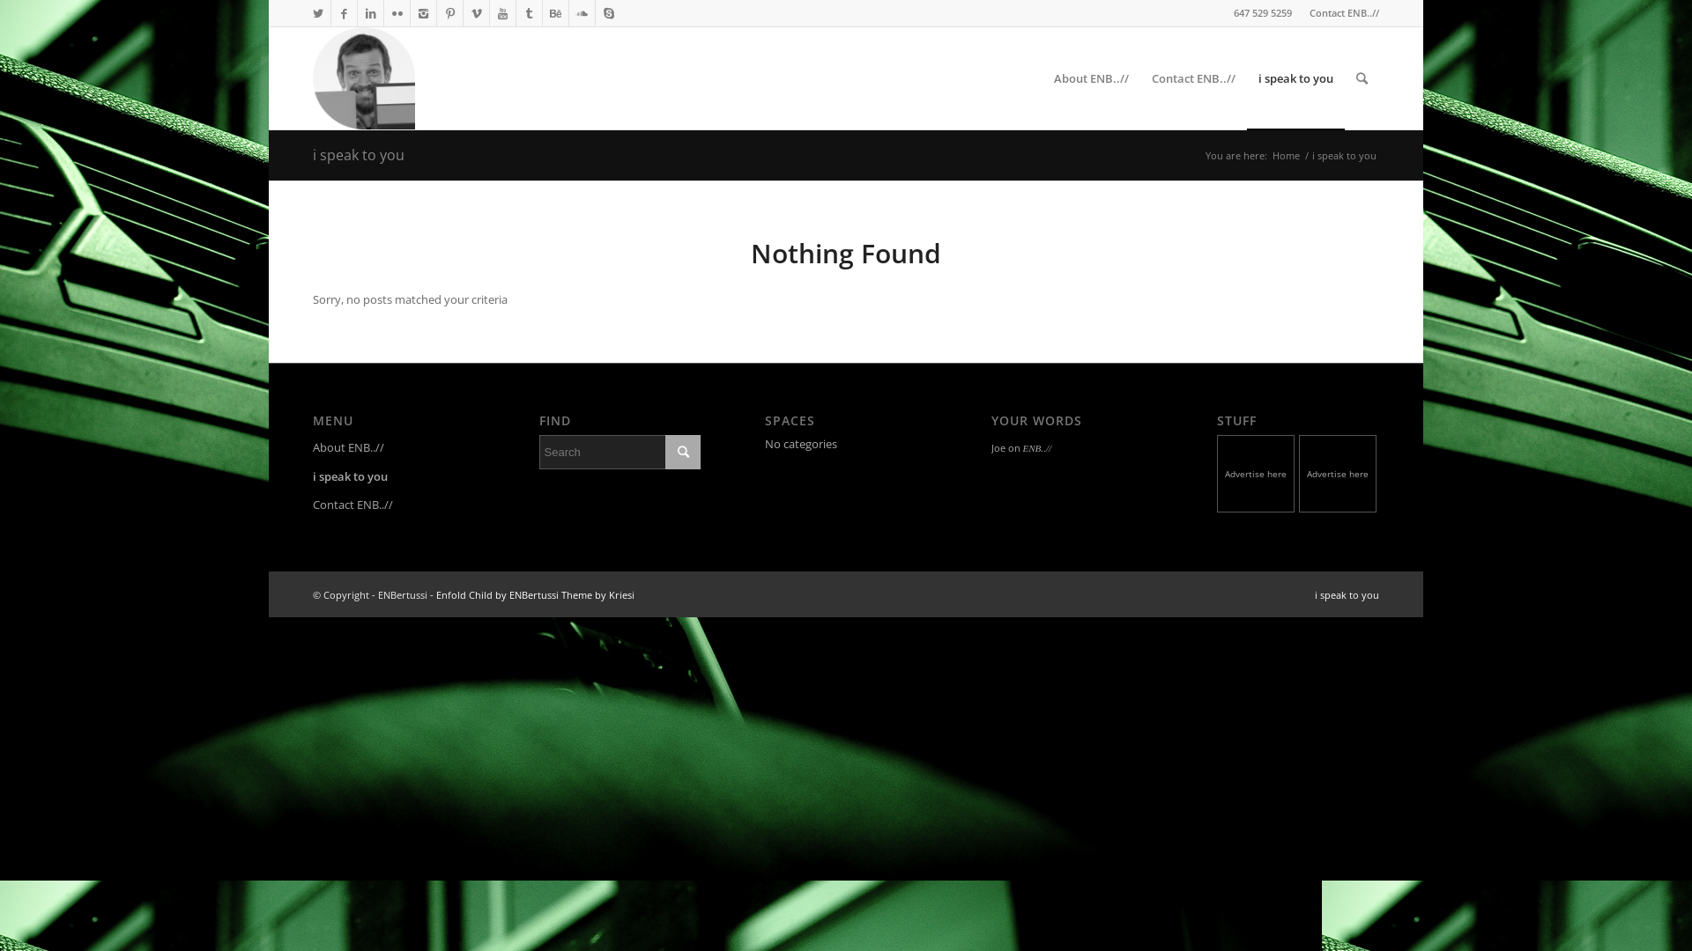 The image size is (1692, 951). What do you see at coordinates (1346, 594) in the screenshot?
I see `'i speak to you'` at bounding box center [1346, 594].